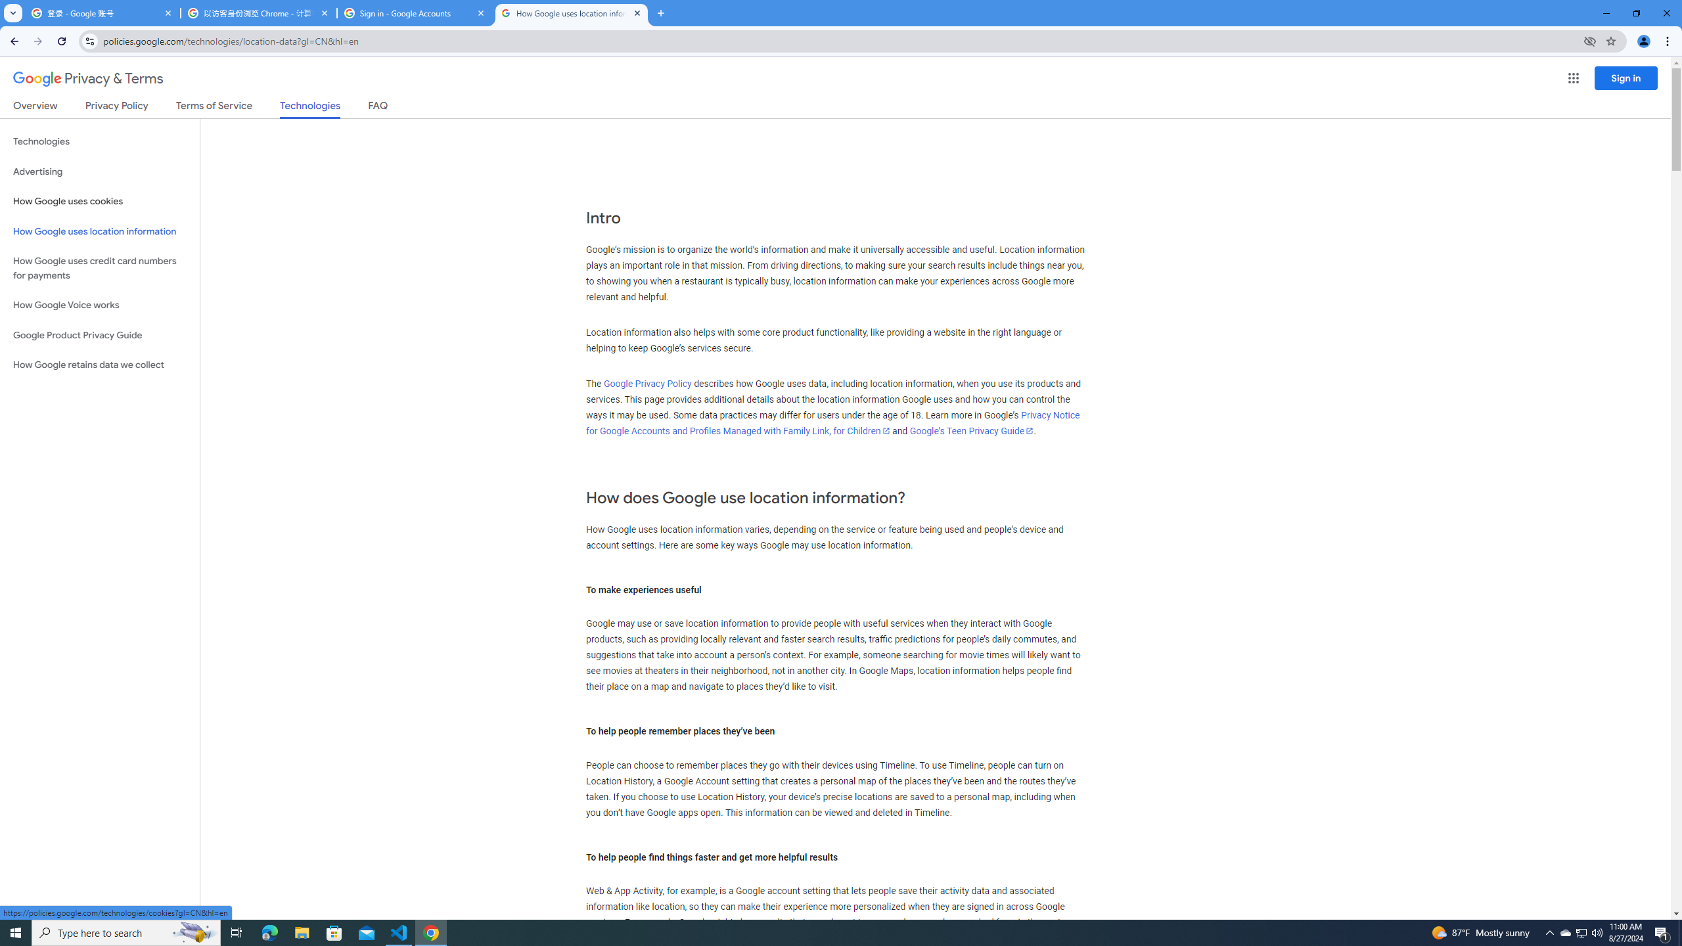 The width and height of the screenshot is (1682, 946). I want to click on 'How Google Voice works', so click(99, 305).